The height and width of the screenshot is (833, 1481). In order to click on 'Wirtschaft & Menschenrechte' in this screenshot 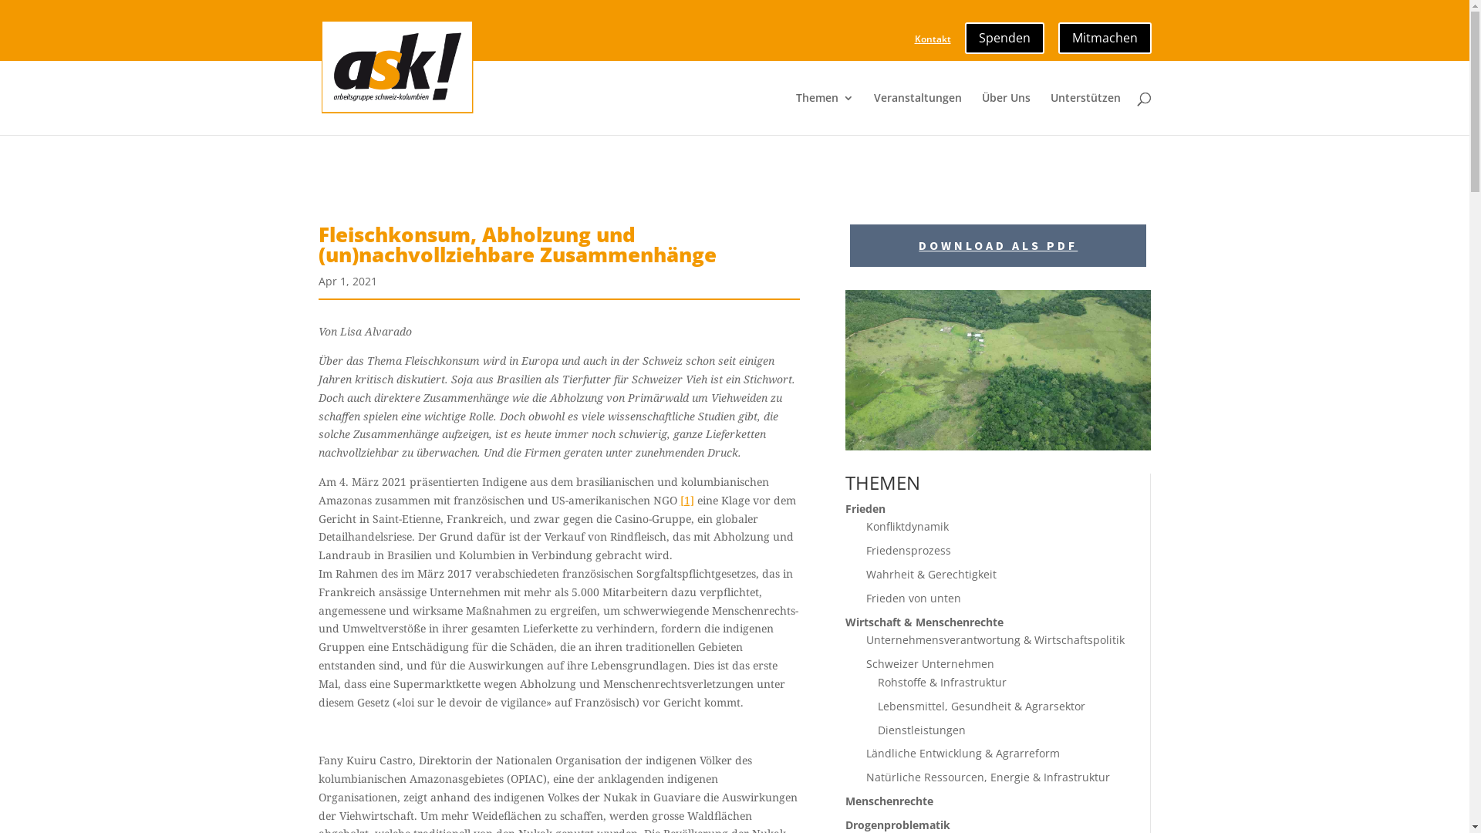, I will do `click(924, 621)`.